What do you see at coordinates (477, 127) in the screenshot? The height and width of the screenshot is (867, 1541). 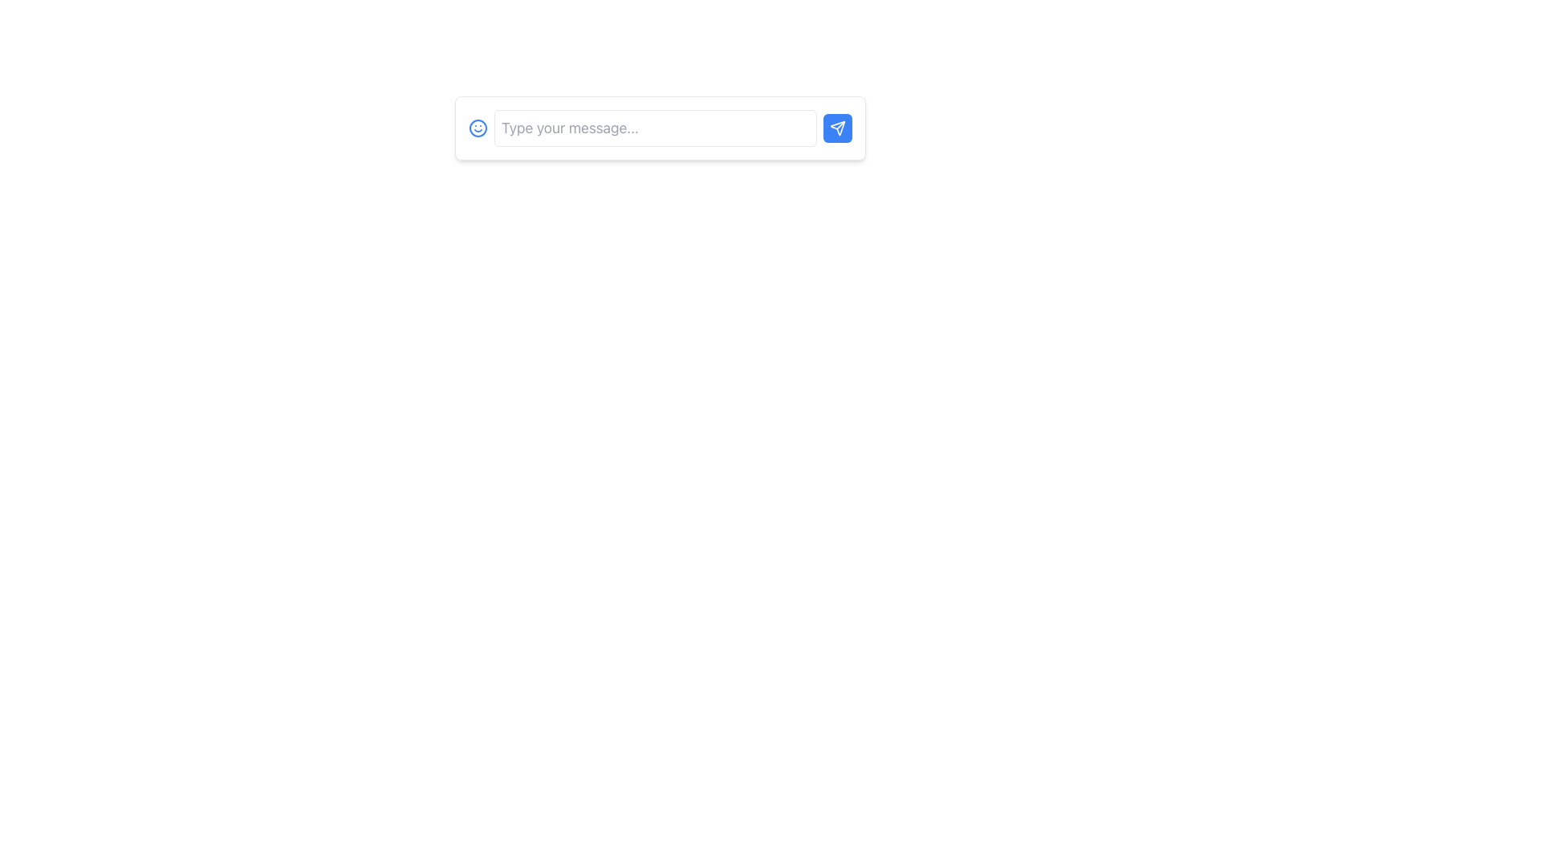 I see `the SVG circle shape that serves as the boundary of the smiley face icon, located to the left of the input text field` at bounding box center [477, 127].